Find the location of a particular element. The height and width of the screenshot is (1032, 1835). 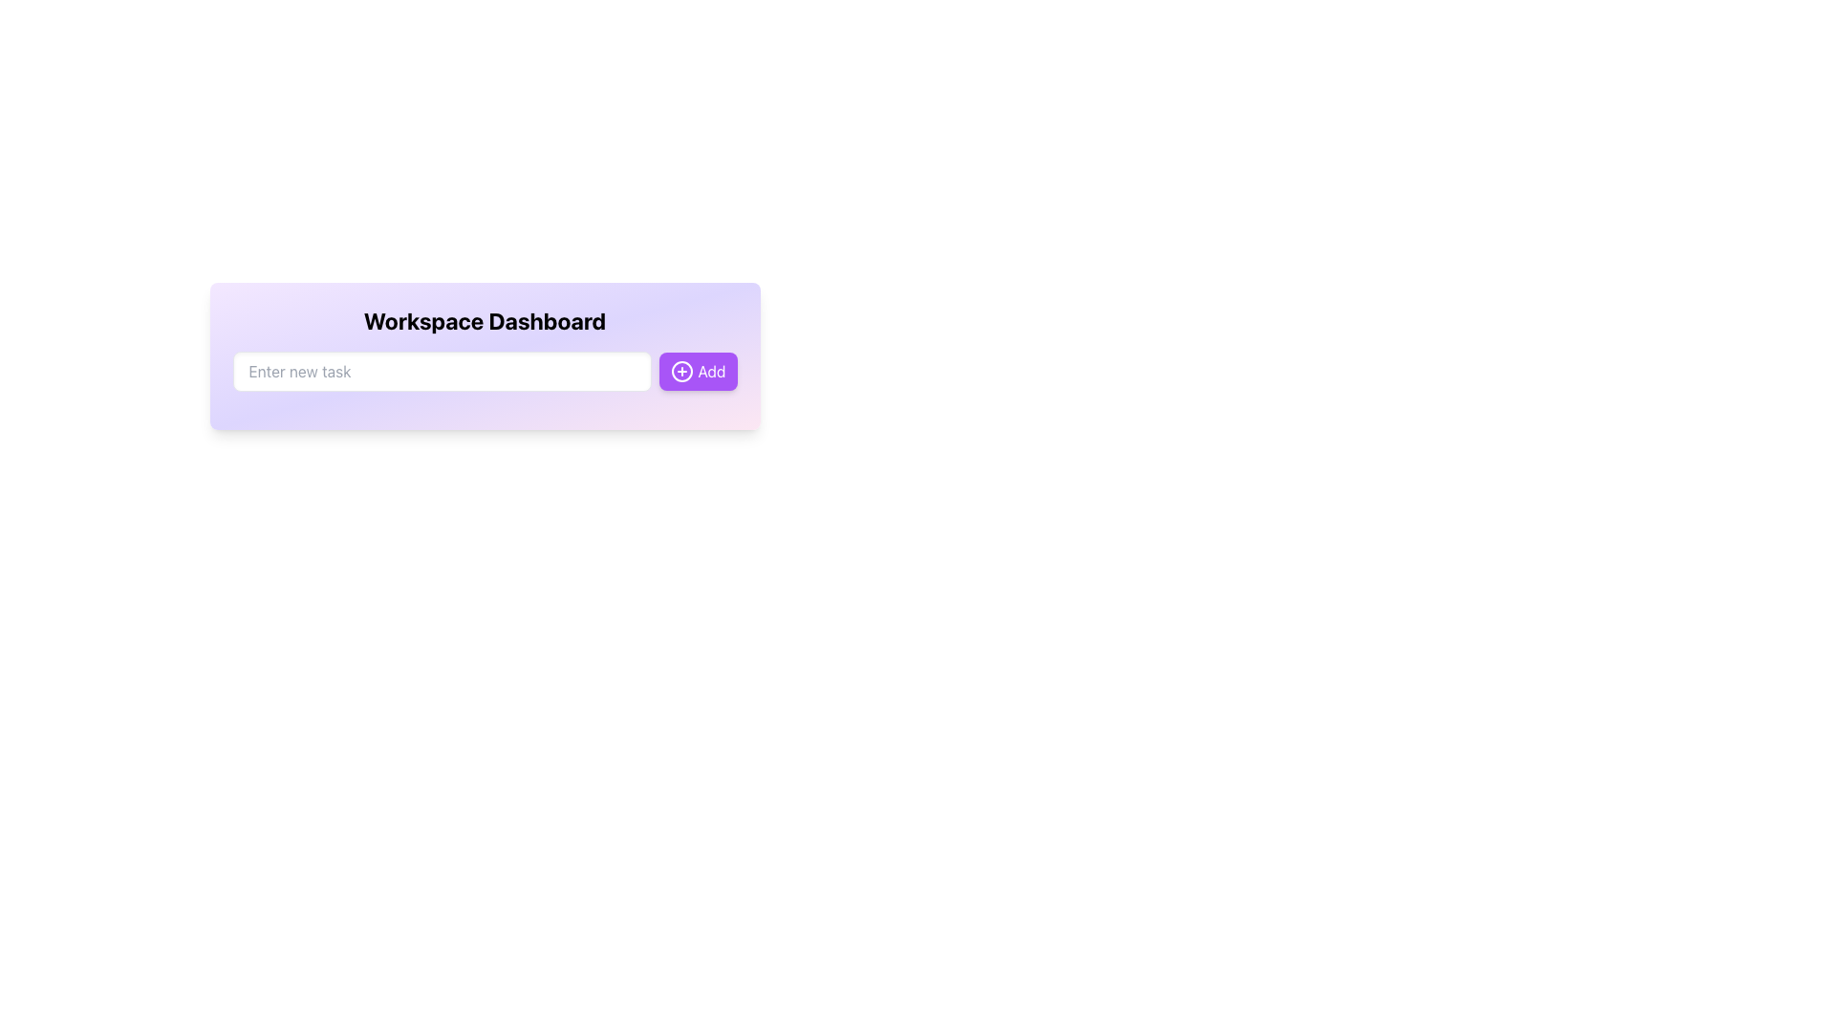

the static text label displaying 'Workspace Dashboard' which is bold, centered, and positioned above the input field and the 'Add' button is located at coordinates (485, 319).